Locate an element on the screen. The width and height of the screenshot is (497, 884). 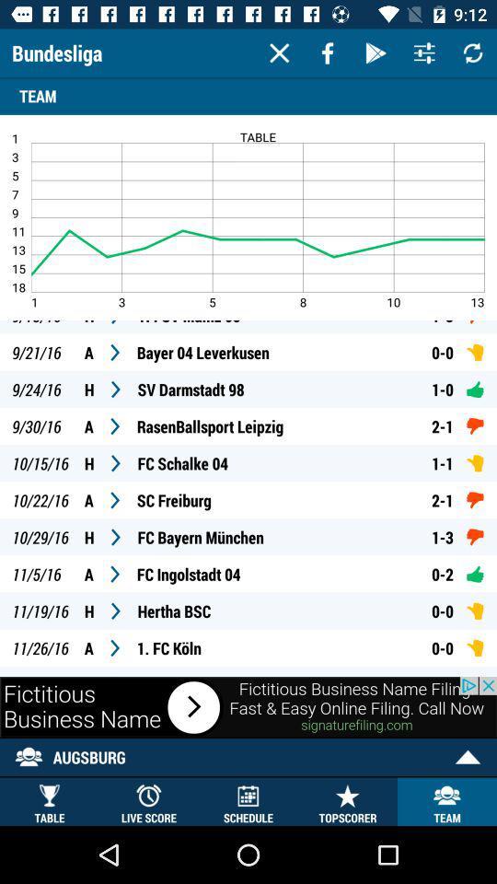
the play icon is located at coordinates (375, 52).